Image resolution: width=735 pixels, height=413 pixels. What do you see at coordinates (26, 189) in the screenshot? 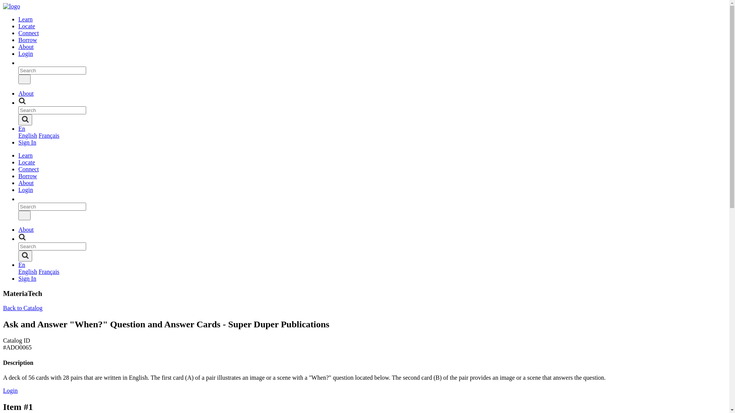
I see `'Login'` at bounding box center [26, 189].